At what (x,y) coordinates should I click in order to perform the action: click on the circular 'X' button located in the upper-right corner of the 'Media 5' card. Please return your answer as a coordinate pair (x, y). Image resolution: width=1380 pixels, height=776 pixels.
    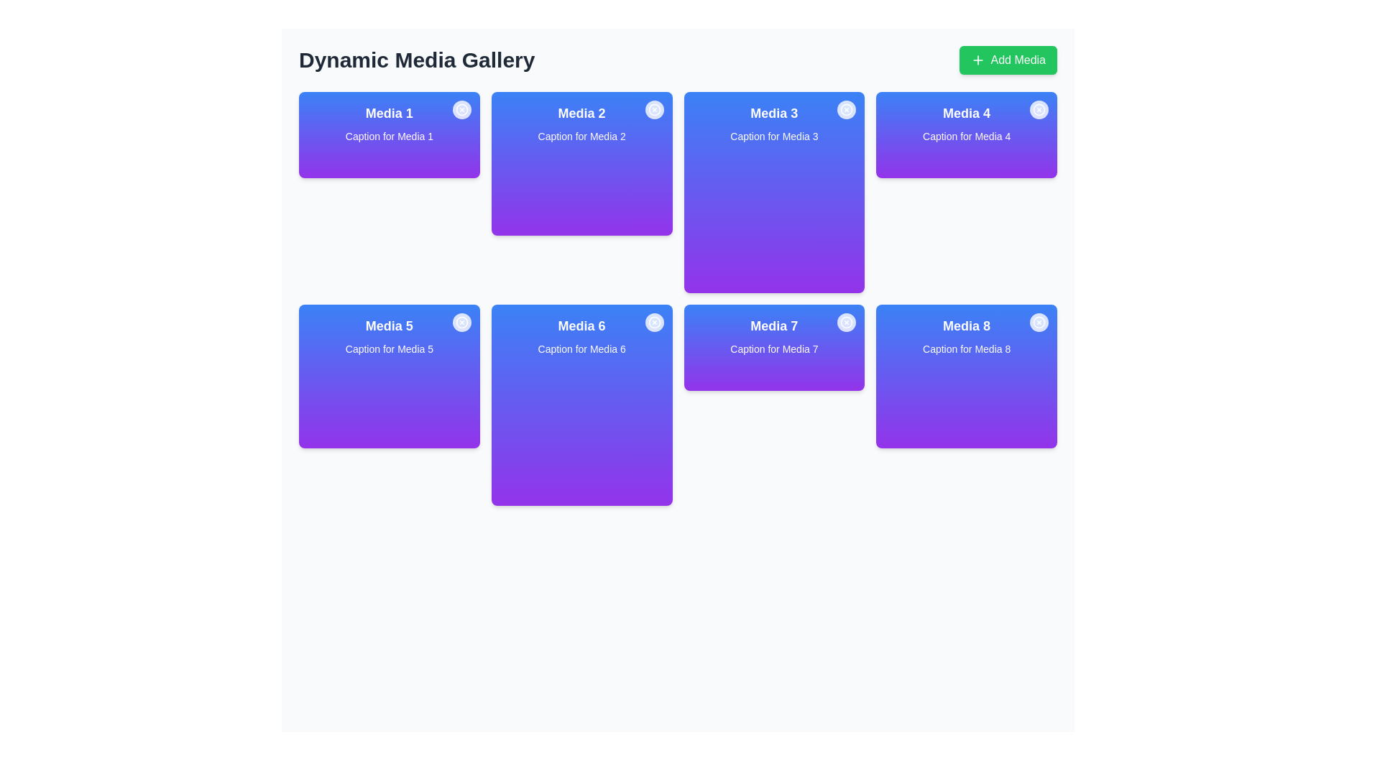
    Looking at the image, I should click on (461, 323).